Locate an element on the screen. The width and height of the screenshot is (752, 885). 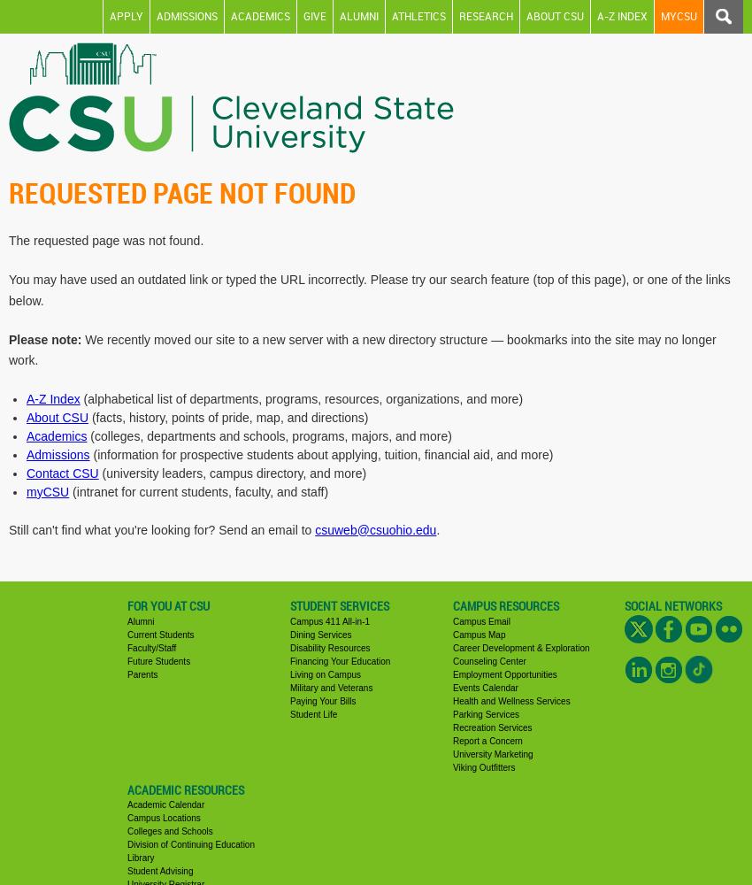
'Employment Opportunities' is located at coordinates (504, 673).